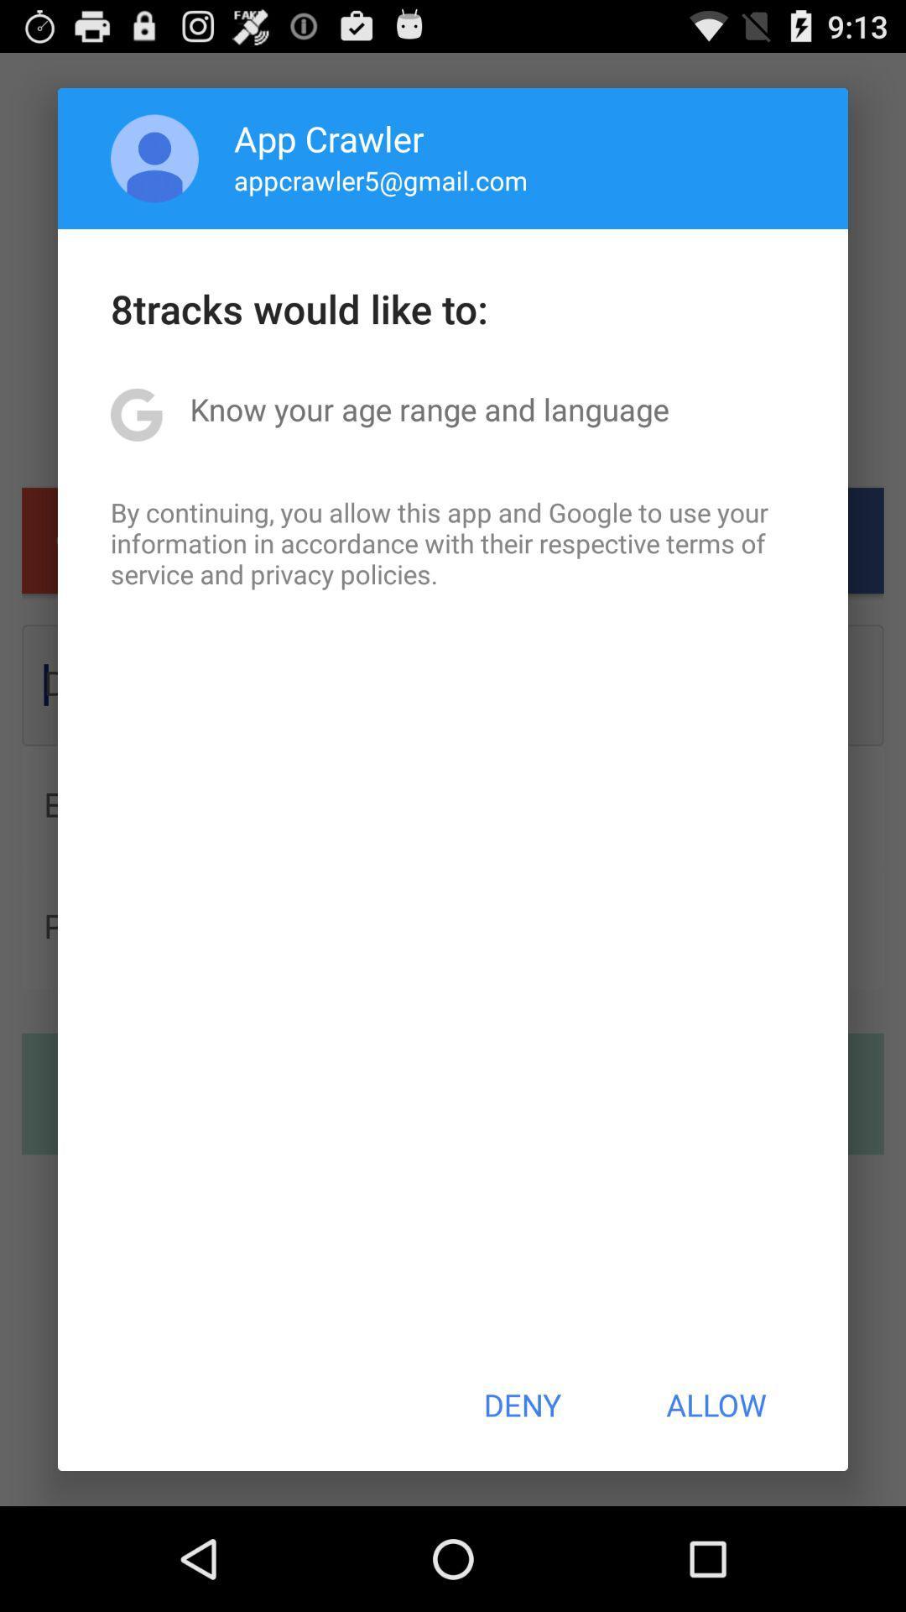 The height and width of the screenshot is (1612, 906). What do you see at coordinates (521, 1405) in the screenshot?
I see `item at the bottom` at bounding box center [521, 1405].